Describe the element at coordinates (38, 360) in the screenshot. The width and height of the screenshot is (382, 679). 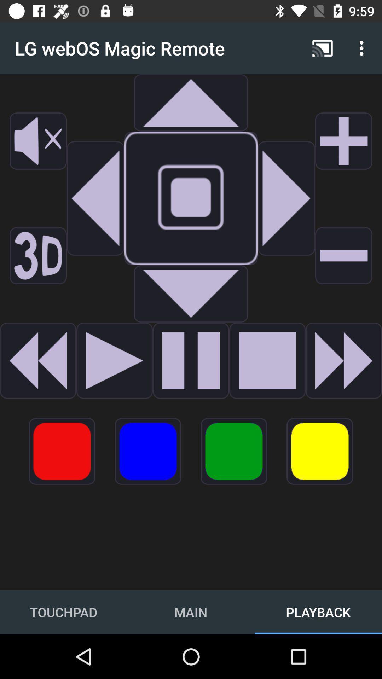
I see `the av_rewind icon` at that location.